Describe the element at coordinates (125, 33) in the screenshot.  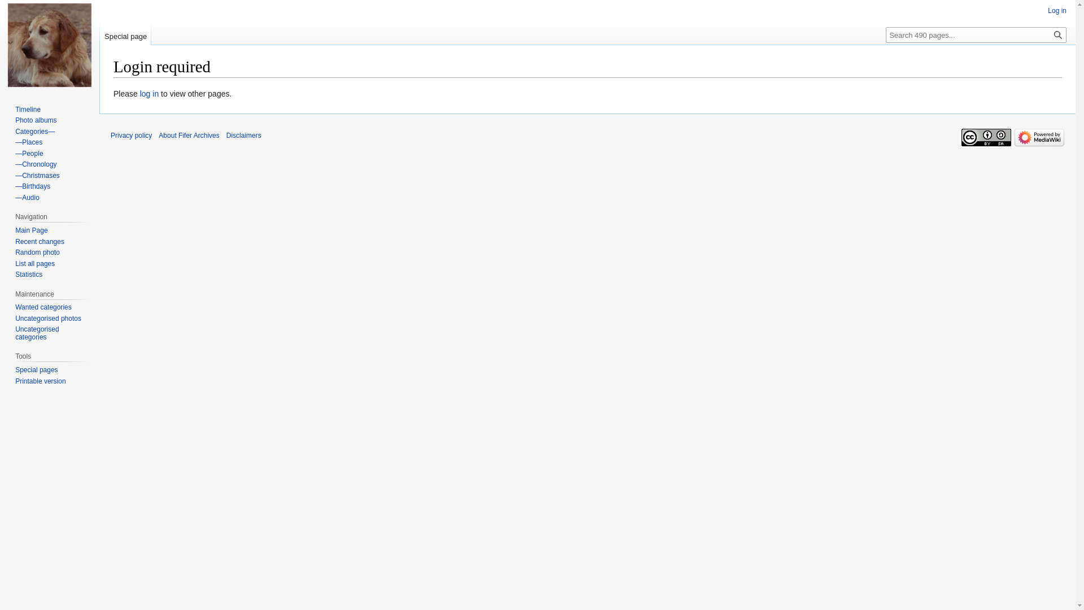
I see `'Special page'` at that location.